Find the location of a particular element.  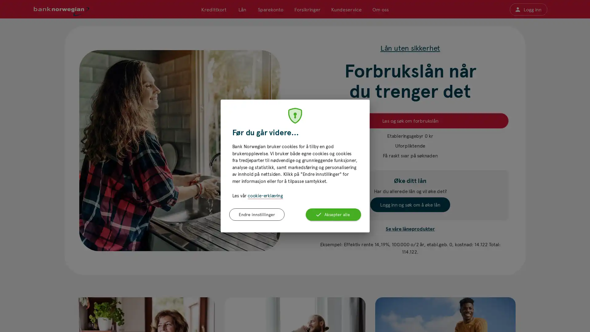

Logg inn is located at coordinates (528, 9).